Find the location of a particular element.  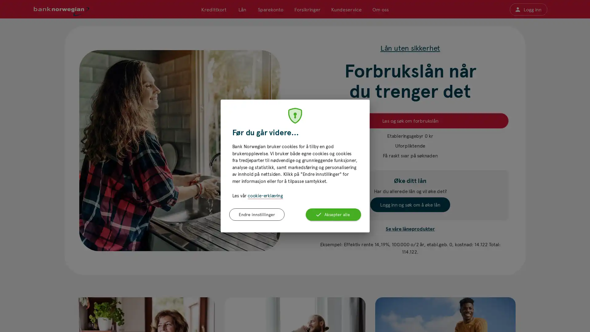

Logg inn is located at coordinates (528, 9).